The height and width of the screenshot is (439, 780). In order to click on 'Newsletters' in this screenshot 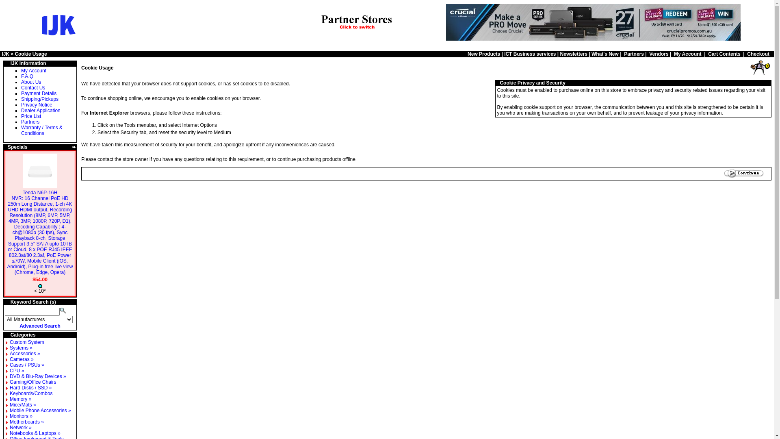, I will do `click(559, 54)`.